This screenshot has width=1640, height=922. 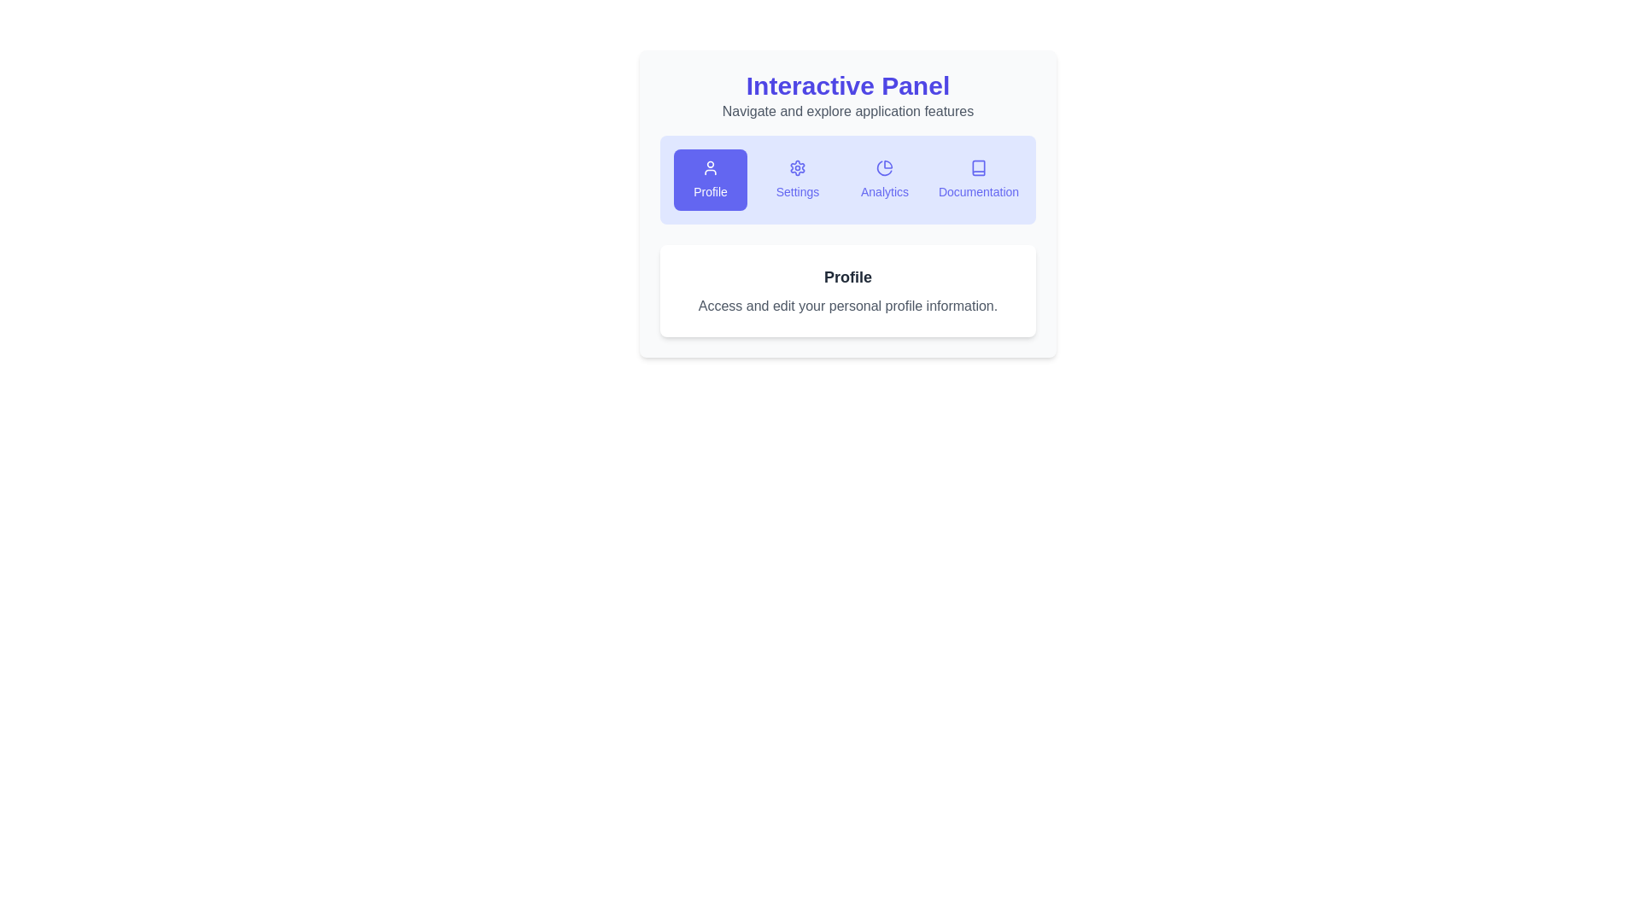 I want to click on the 'Analytics' button in the horizontal navigation menu, so click(x=848, y=180).